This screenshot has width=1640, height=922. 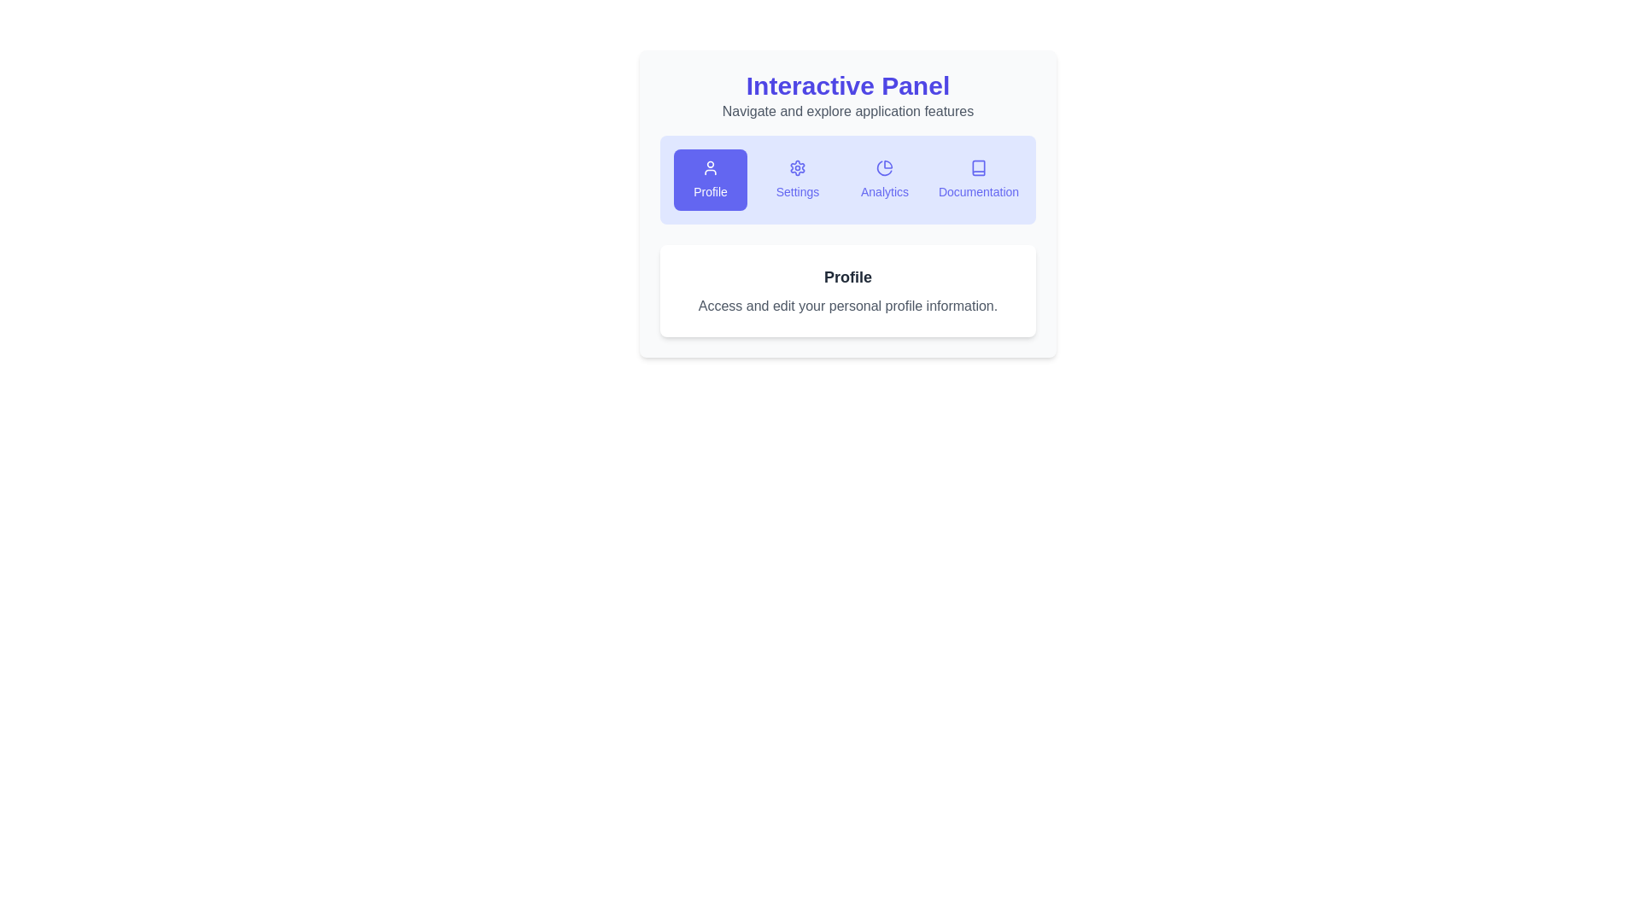 I want to click on the 'Analytics' button in the horizontal navigation menu, so click(x=848, y=180).